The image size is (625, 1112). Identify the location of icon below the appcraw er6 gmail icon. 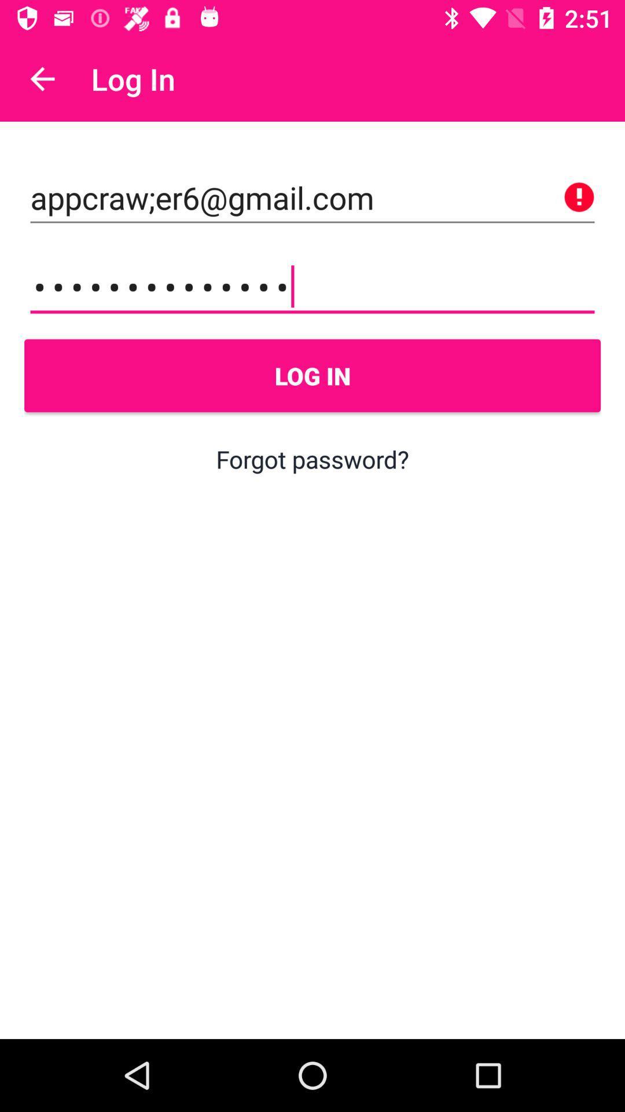
(312, 287).